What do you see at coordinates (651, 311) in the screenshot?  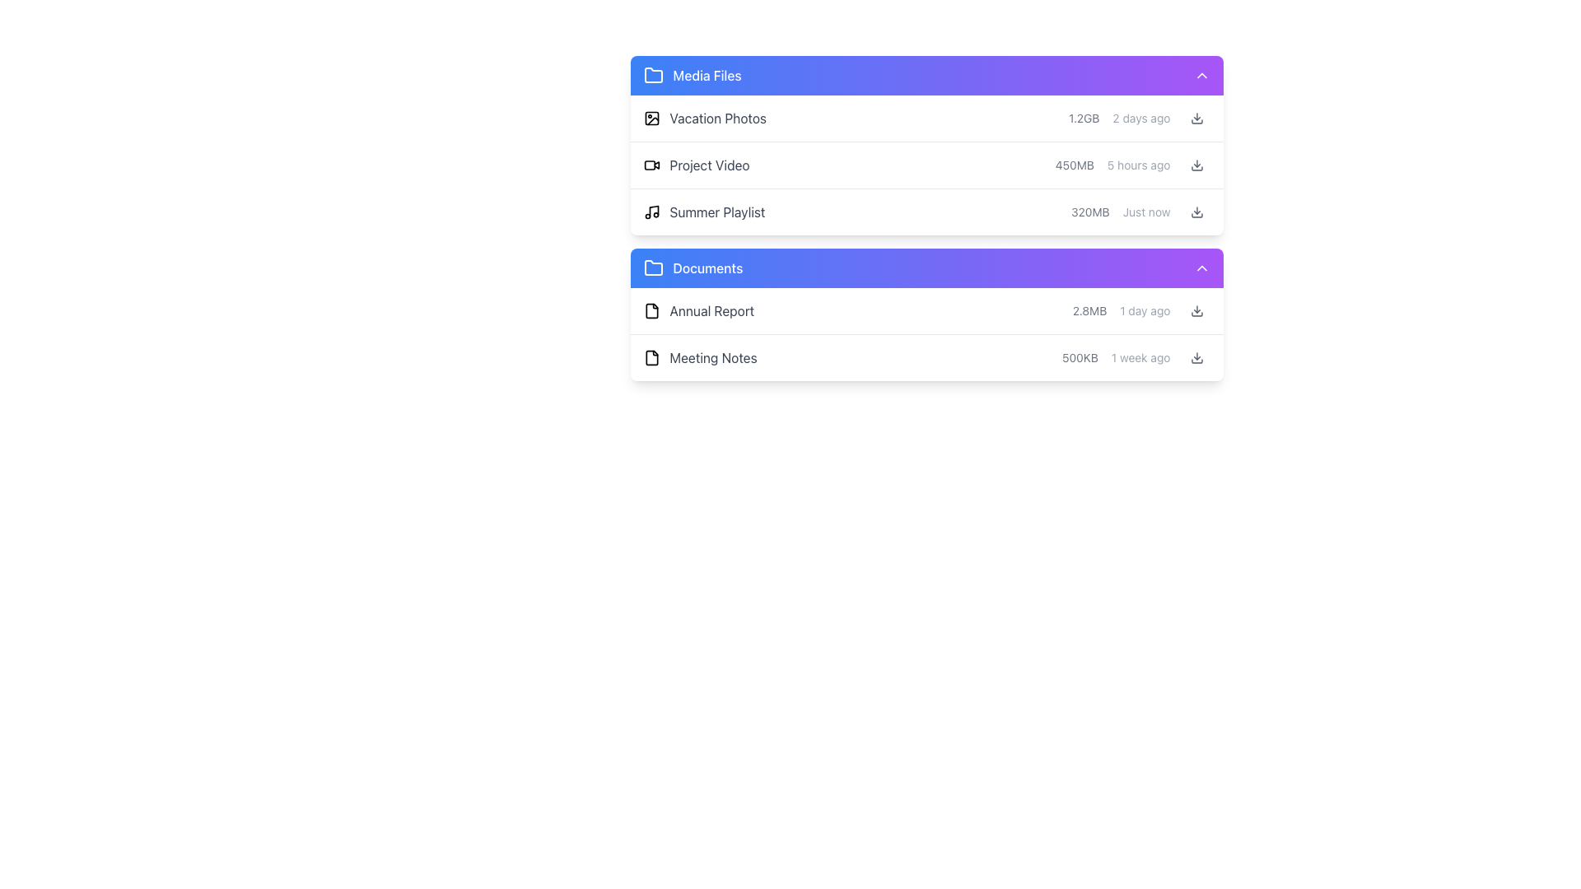 I see `the icon representing the 'Annual Report' document` at bounding box center [651, 311].